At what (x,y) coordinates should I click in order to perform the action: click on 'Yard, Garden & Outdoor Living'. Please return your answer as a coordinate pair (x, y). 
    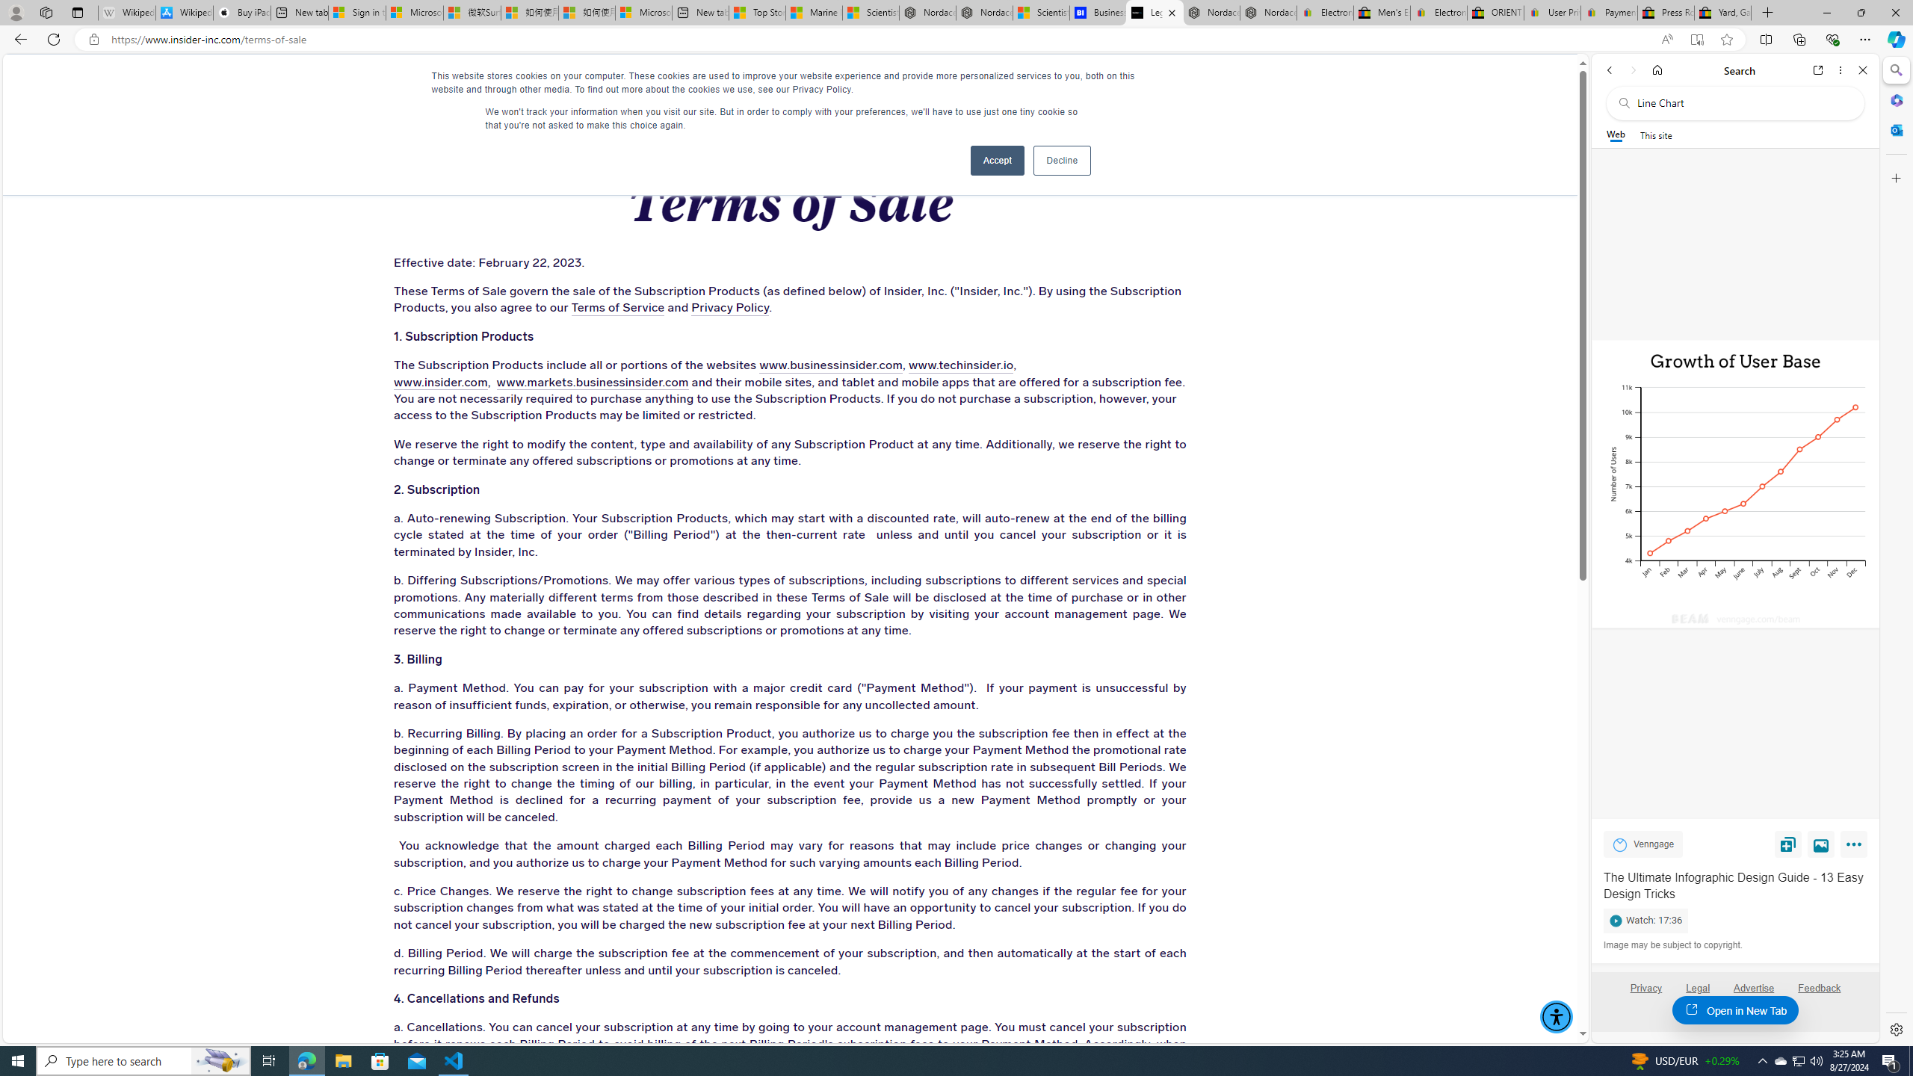
    Looking at the image, I should click on (1722, 12).